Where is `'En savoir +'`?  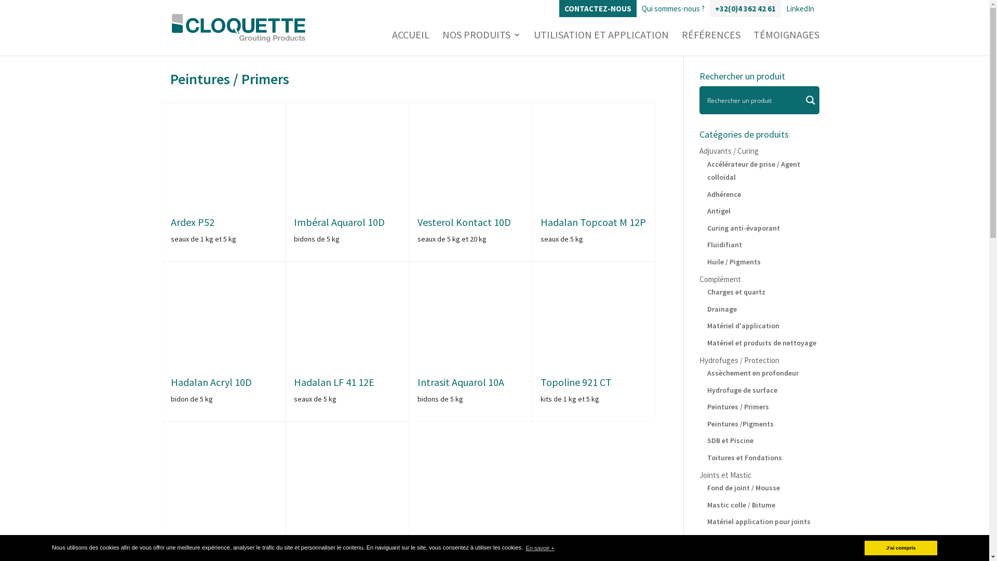 'En savoir +' is located at coordinates (524, 547).